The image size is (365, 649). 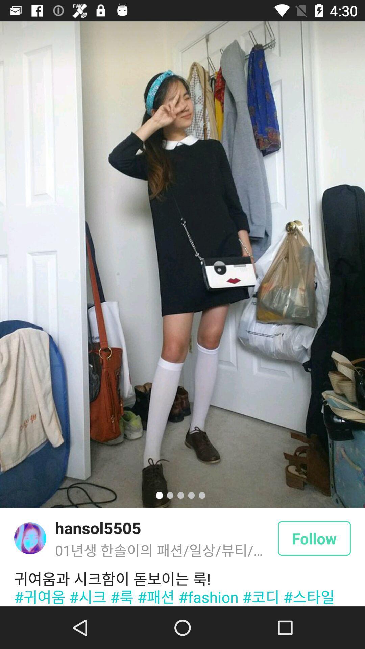 I want to click on follow item, so click(x=314, y=538).